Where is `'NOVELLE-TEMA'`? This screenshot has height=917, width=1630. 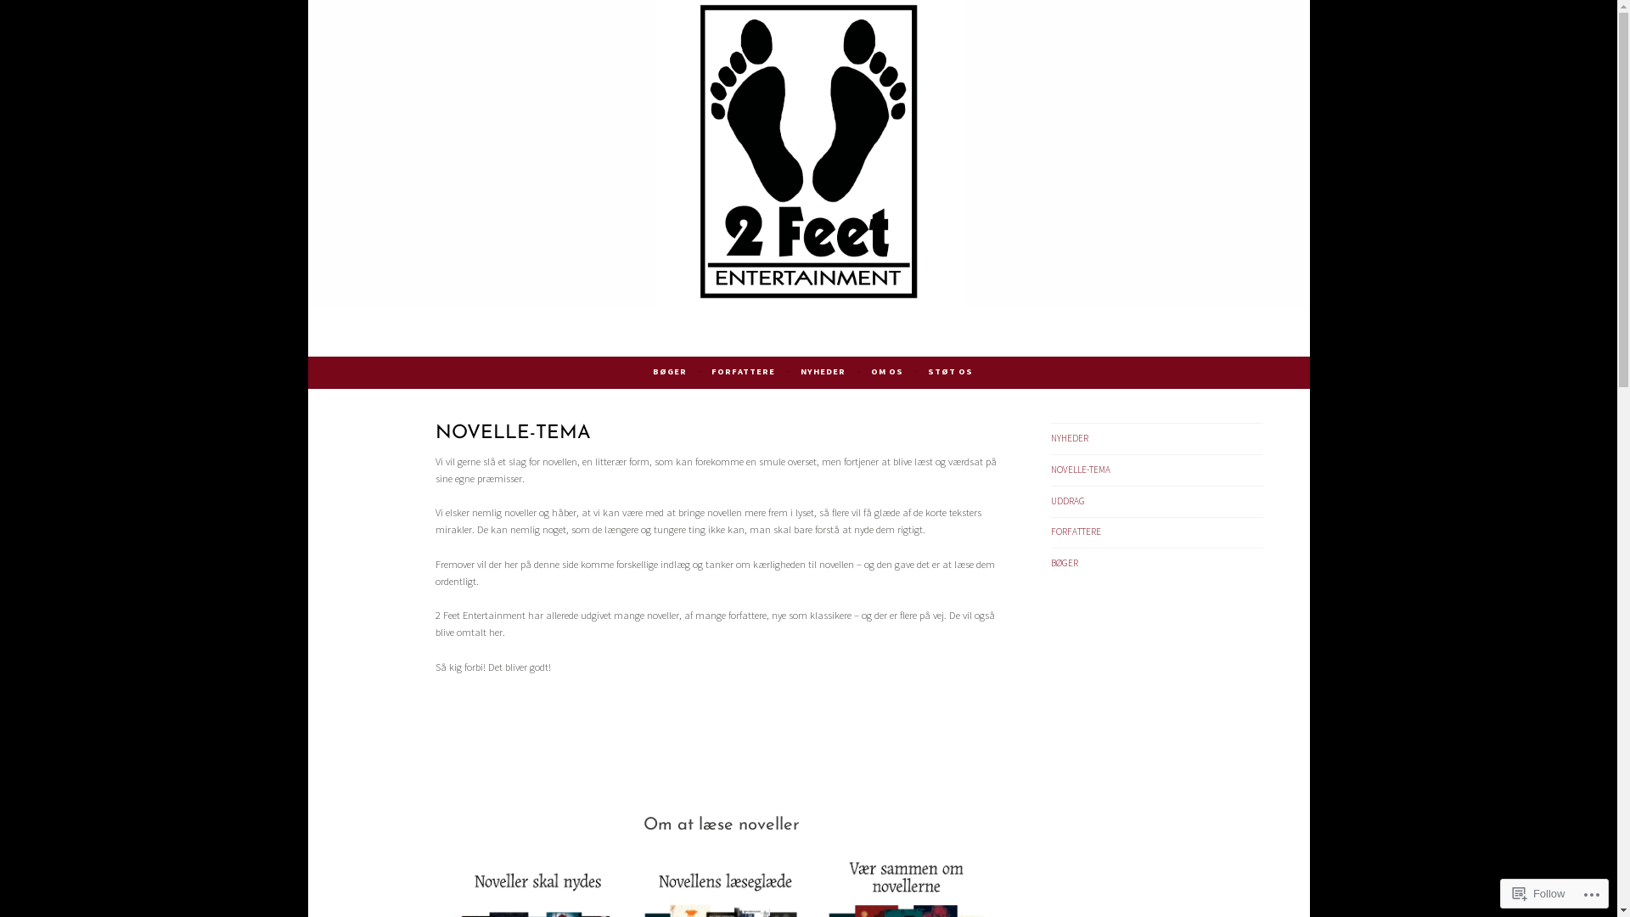
'NOVELLE-TEMA' is located at coordinates (1050, 469).